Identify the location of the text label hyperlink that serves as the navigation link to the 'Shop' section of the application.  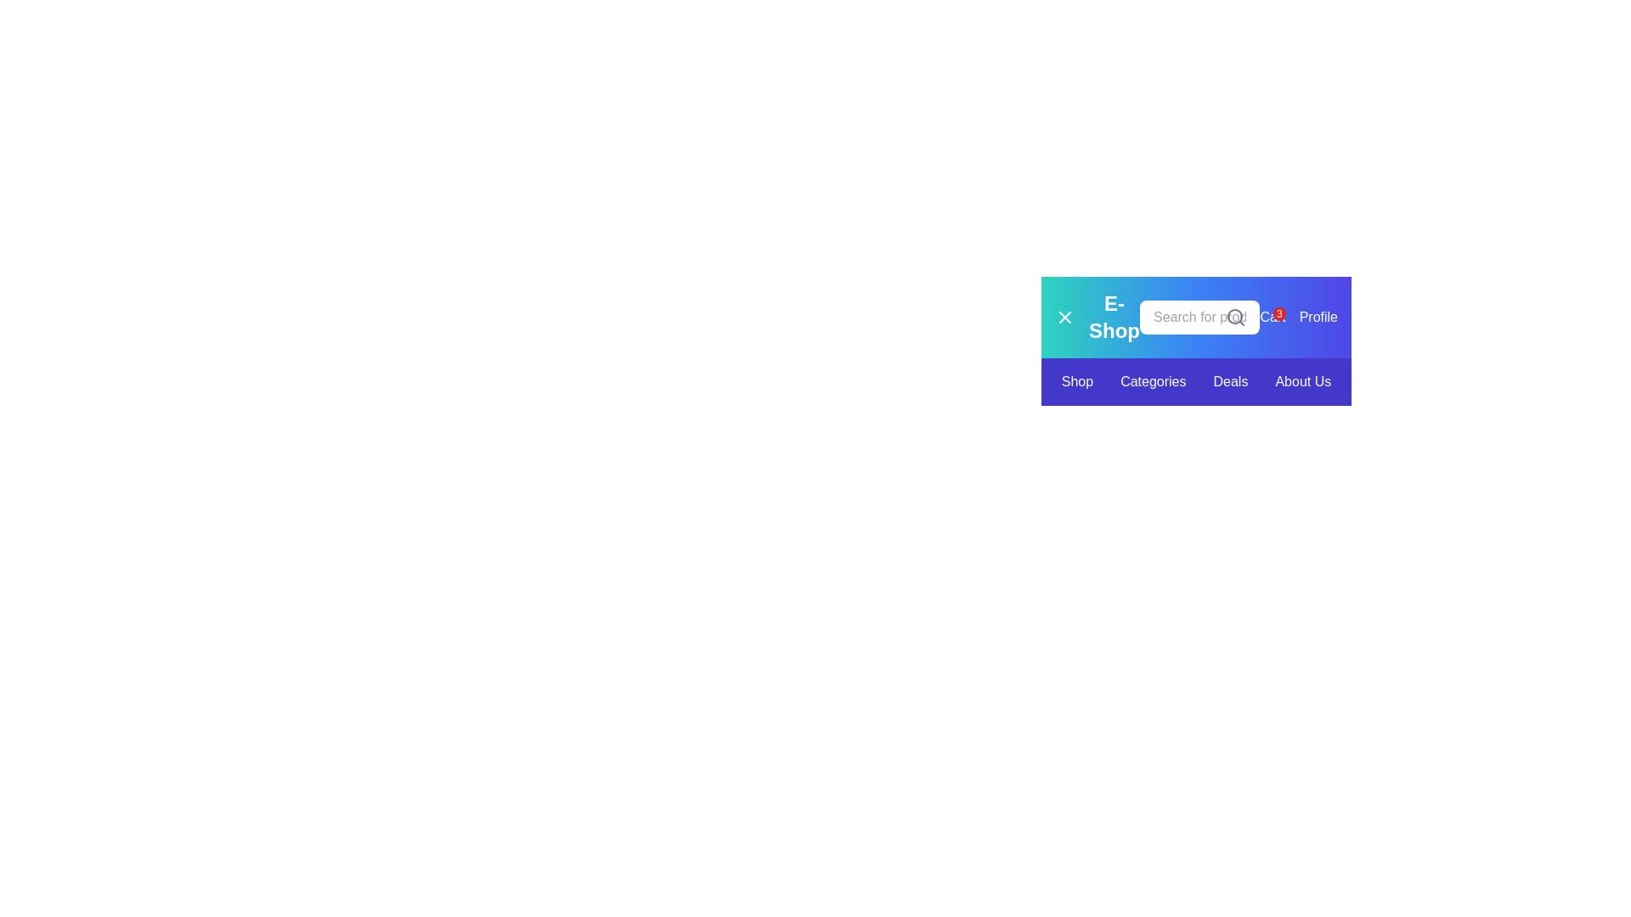
(1075, 382).